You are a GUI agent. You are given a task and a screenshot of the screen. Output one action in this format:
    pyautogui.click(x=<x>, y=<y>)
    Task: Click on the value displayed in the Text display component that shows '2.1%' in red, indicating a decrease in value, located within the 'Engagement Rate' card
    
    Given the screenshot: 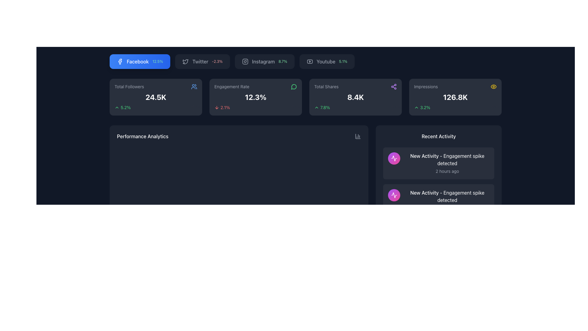 What is the action you would take?
    pyautogui.click(x=225, y=107)
    